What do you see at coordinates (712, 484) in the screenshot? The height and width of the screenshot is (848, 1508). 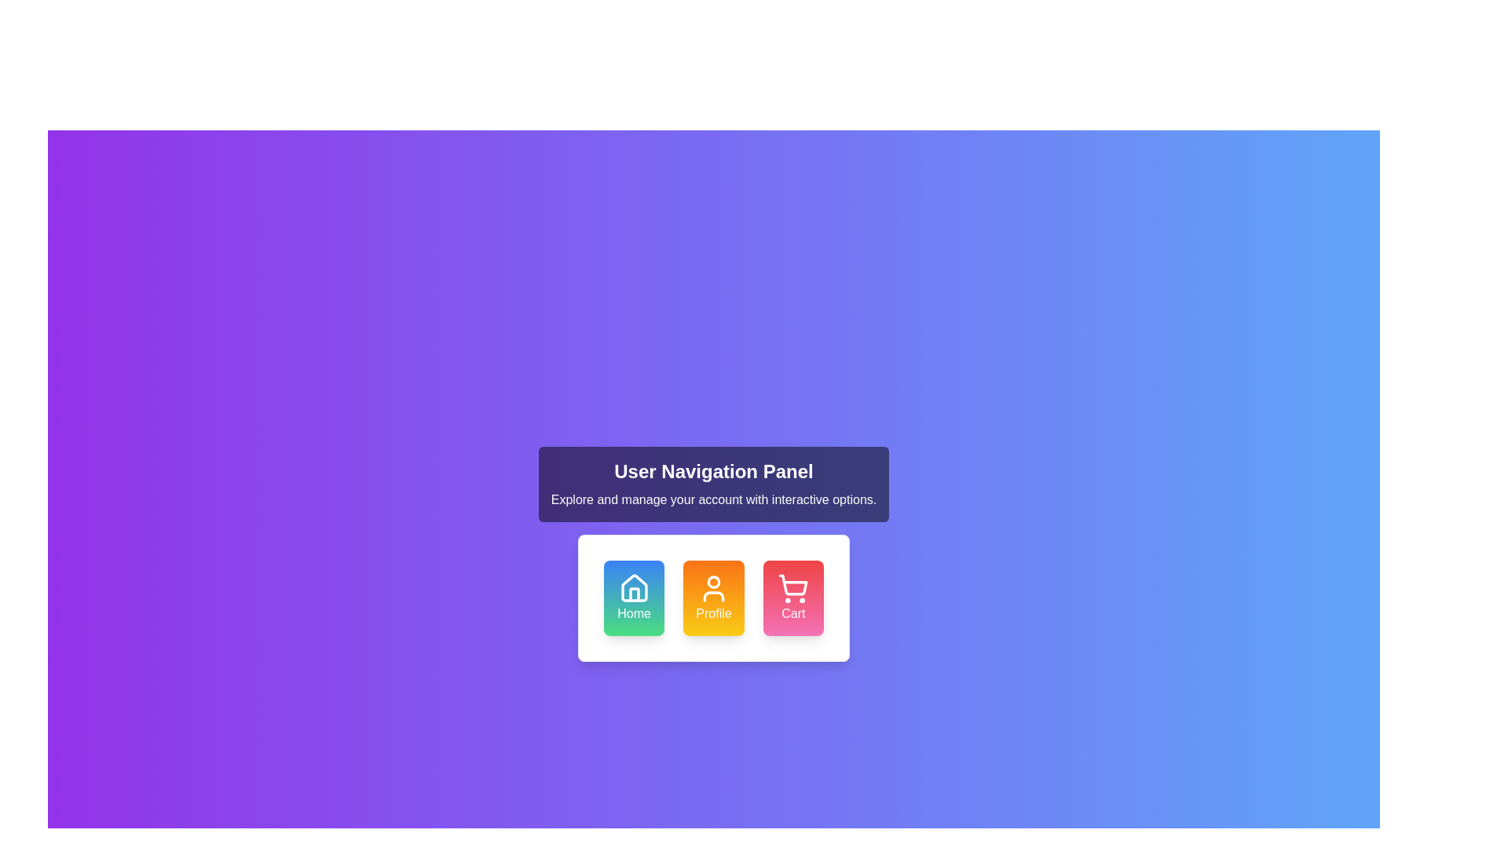 I see `the Informational panel located centrally above the grid layout of buttons, which serves to introduce the navigation options to the user` at bounding box center [712, 484].